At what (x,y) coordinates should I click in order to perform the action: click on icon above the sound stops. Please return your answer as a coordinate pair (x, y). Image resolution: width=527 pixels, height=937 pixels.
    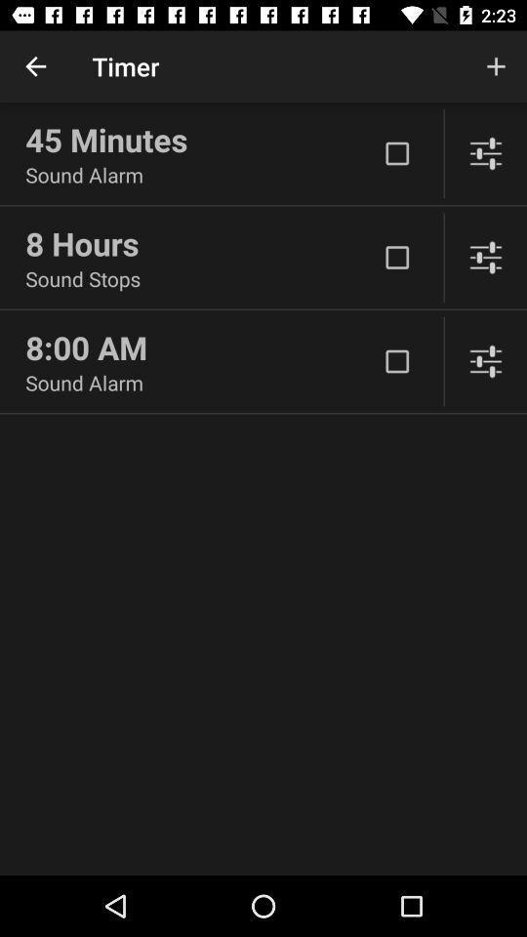
    Looking at the image, I should click on (200, 242).